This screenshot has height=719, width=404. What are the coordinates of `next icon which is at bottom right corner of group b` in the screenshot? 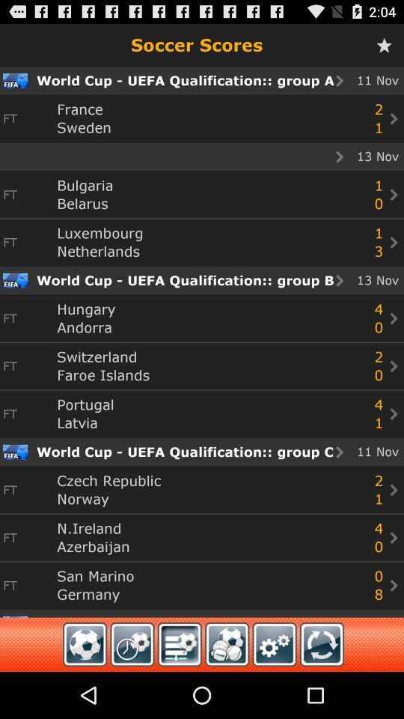 It's located at (394, 413).